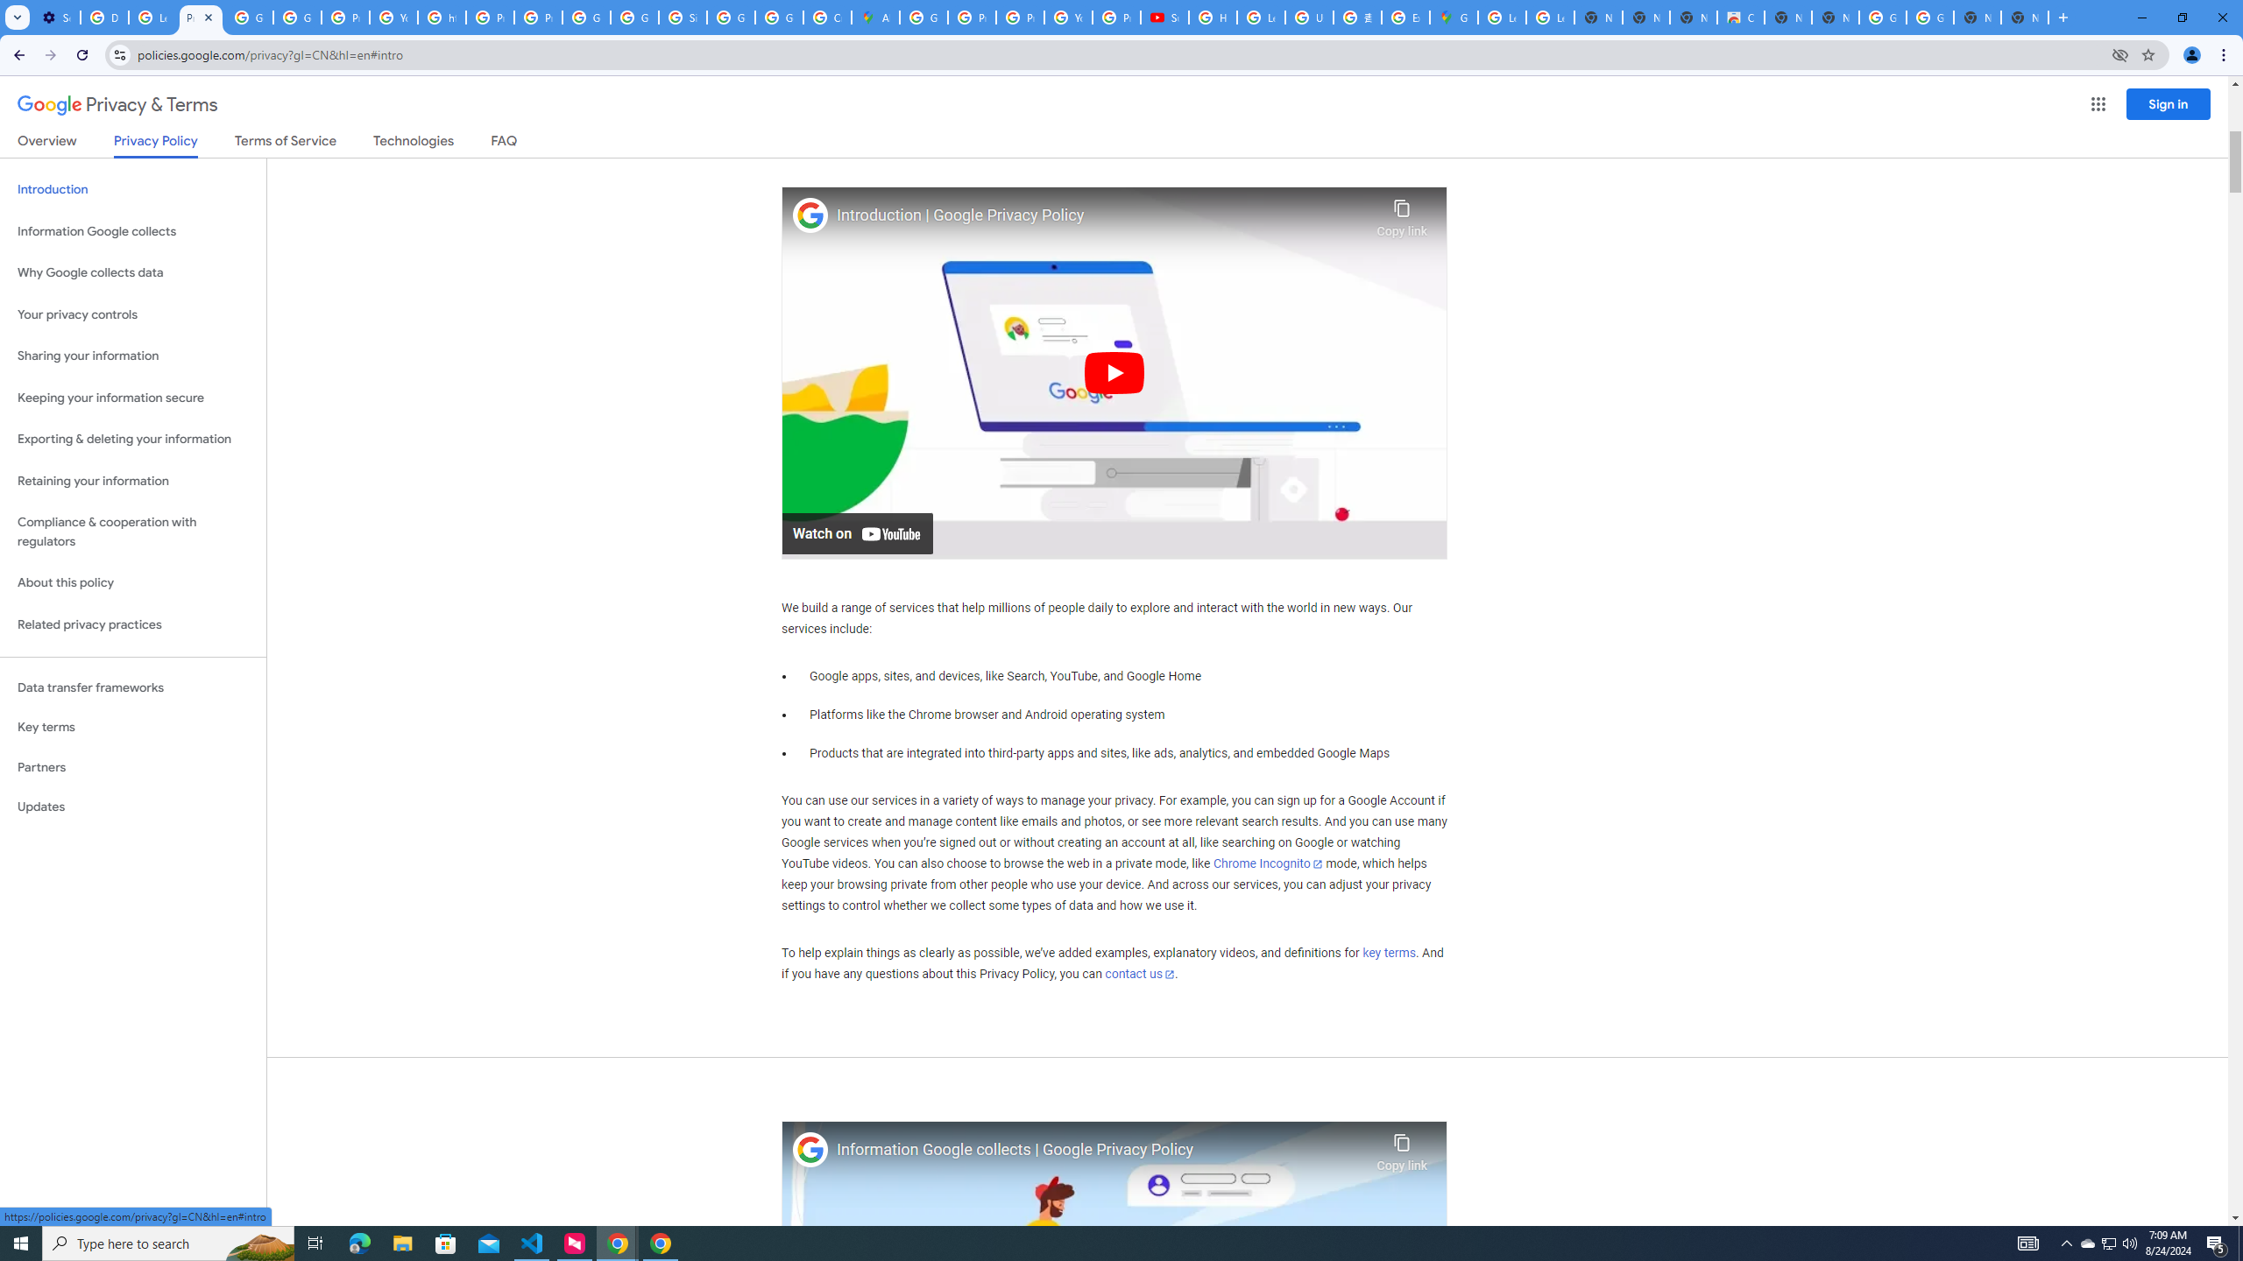 This screenshot has height=1261, width=2243. I want to click on 'Terms of Service', so click(285, 144).